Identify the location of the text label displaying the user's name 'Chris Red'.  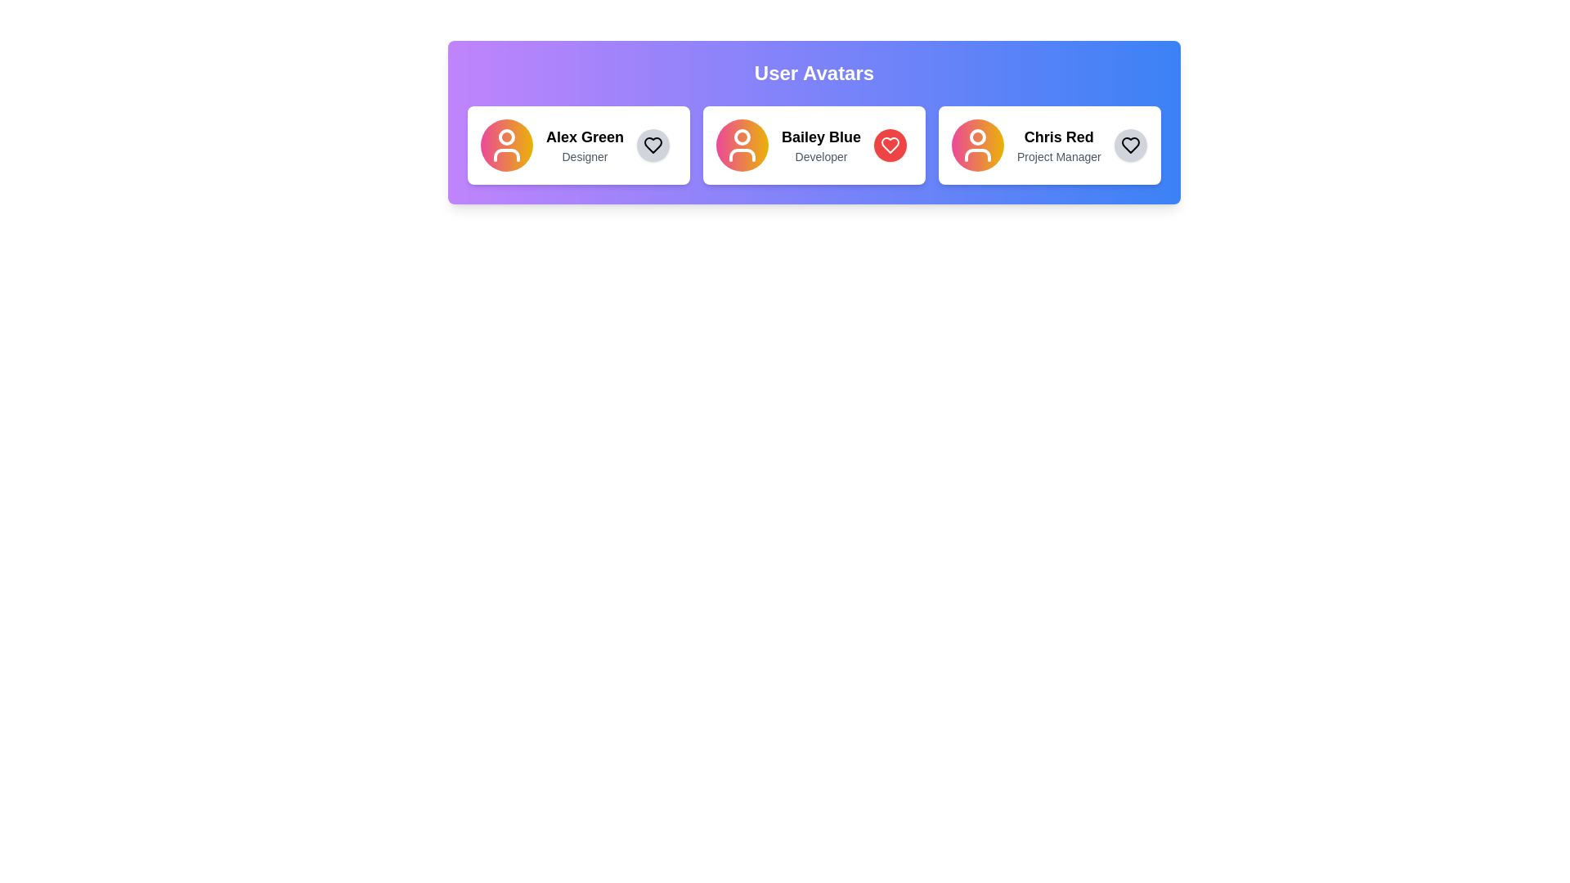
(1059, 137).